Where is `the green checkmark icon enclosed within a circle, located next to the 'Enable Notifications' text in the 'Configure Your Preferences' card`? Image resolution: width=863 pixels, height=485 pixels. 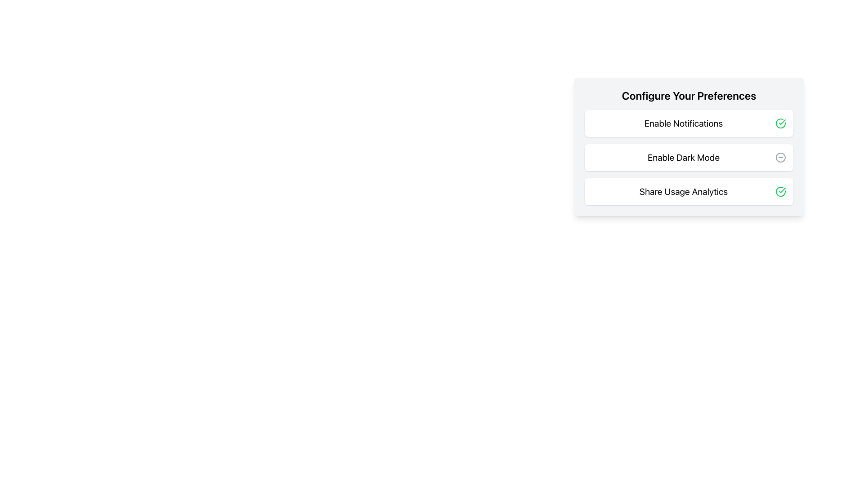 the green checkmark icon enclosed within a circle, located next to the 'Enable Notifications' text in the 'Configure Your Preferences' card is located at coordinates (780, 123).